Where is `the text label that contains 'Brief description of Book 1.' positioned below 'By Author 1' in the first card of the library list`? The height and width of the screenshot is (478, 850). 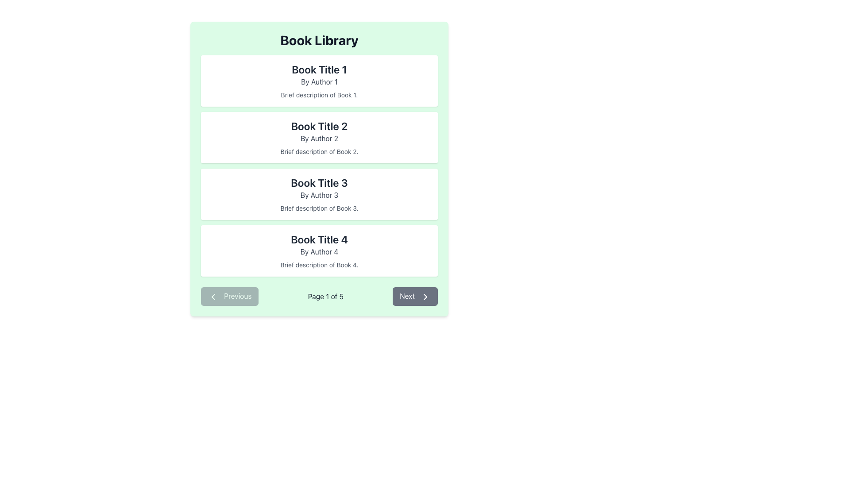 the text label that contains 'Brief description of Book 1.' positioned below 'By Author 1' in the first card of the library list is located at coordinates (319, 95).